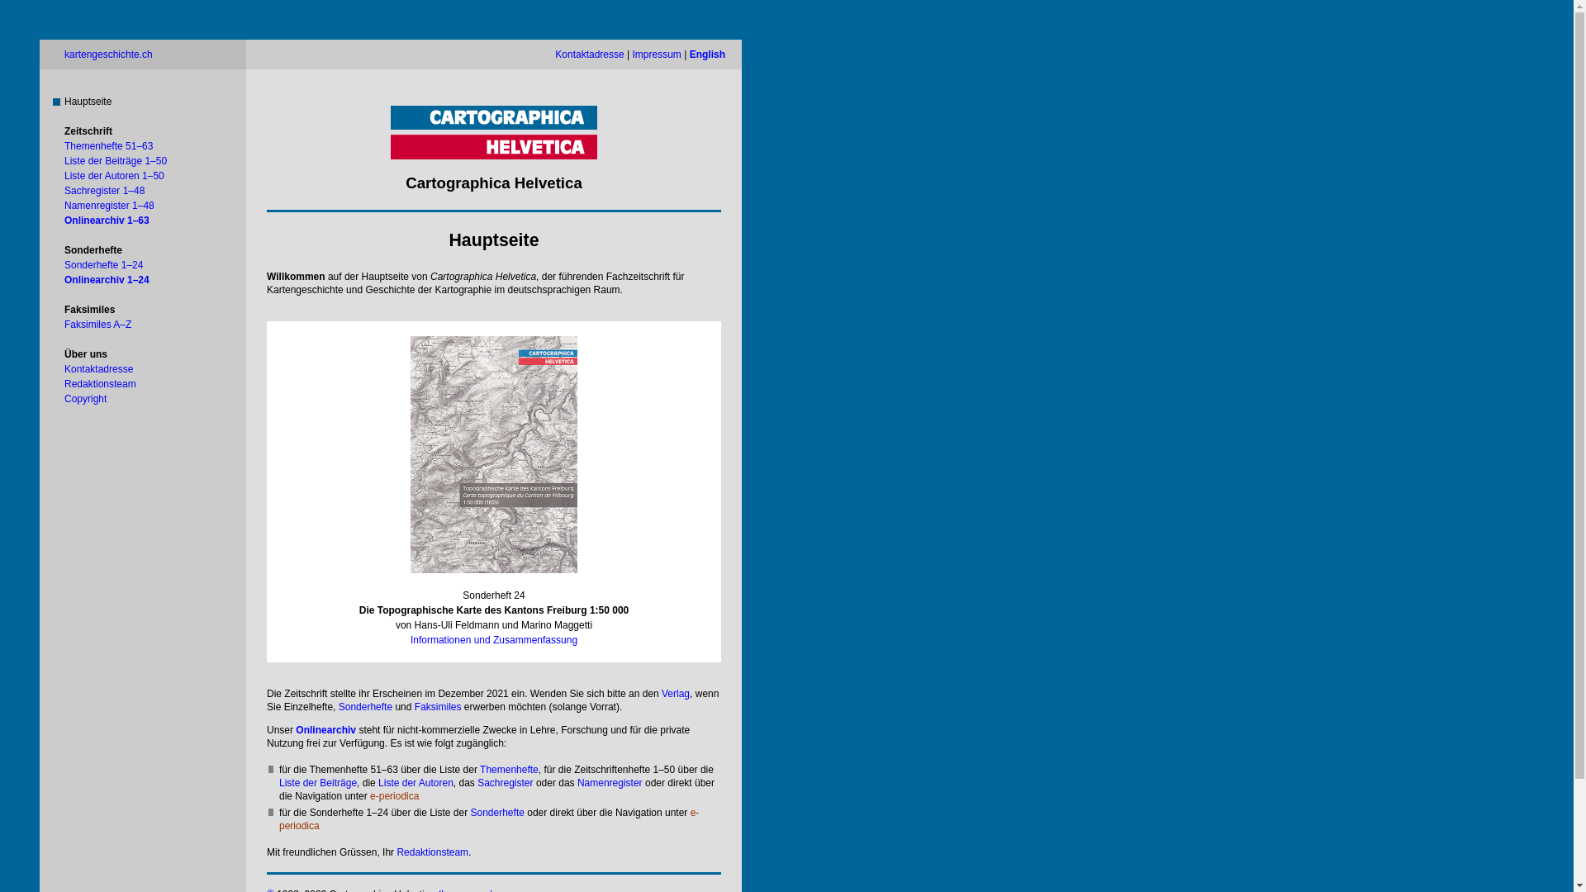 This screenshot has height=892, width=1586. What do you see at coordinates (415, 782) in the screenshot?
I see `'Liste der Autoren'` at bounding box center [415, 782].